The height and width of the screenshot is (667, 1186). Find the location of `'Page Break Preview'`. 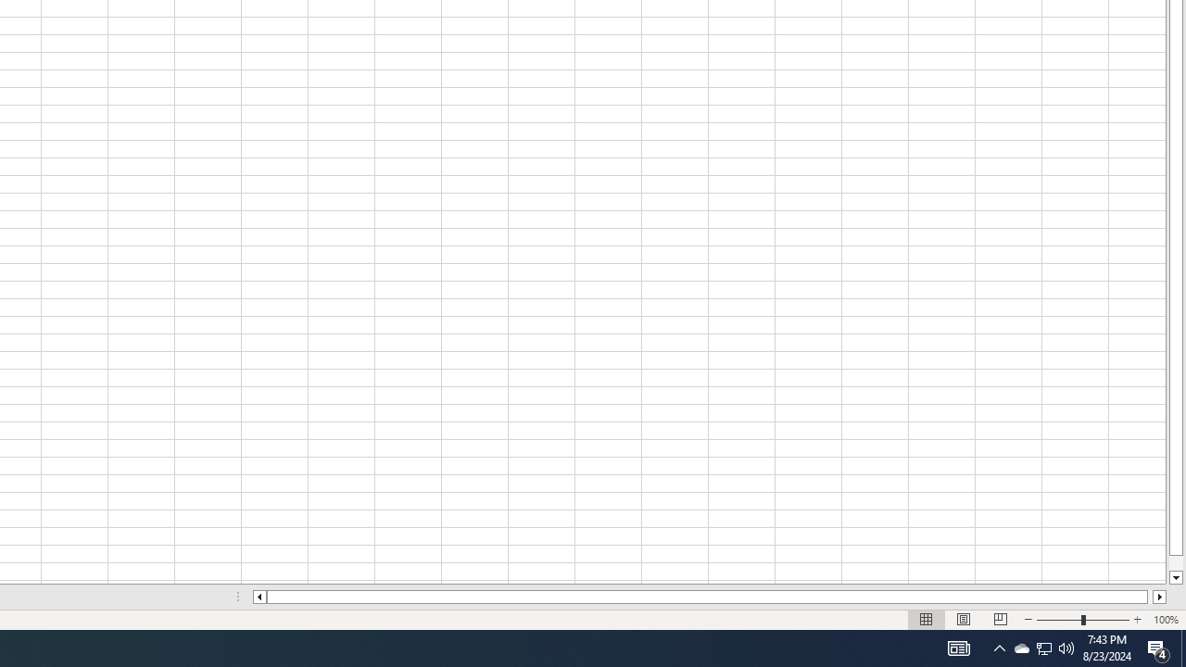

'Page Break Preview' is located at coordinates (999, 620).